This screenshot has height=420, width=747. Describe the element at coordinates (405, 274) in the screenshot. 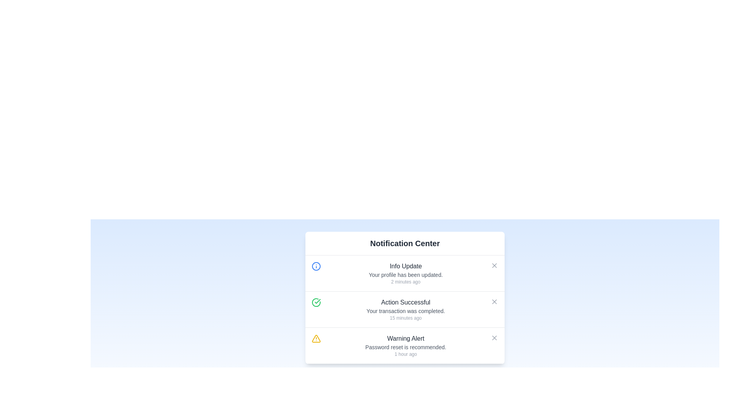

I see `informational text snippet that displays the message 'Your profile has been updated.' located in the Notification Center, positioned beneath the title 'Info Update'` at that location.